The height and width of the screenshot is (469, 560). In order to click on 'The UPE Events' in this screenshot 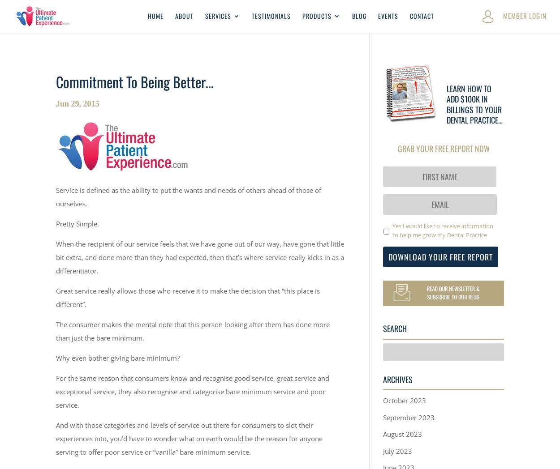, I will do `click(319, 163)`.